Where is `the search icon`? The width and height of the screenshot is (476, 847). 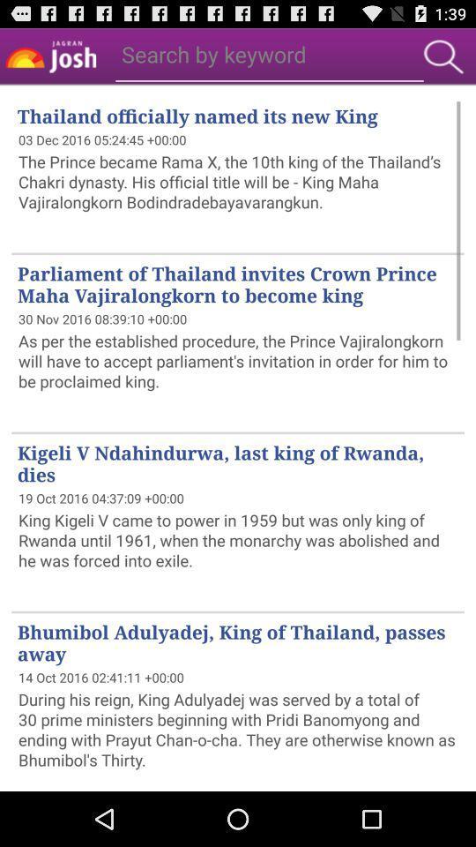 the search icon is located at coordinates (443, 60).